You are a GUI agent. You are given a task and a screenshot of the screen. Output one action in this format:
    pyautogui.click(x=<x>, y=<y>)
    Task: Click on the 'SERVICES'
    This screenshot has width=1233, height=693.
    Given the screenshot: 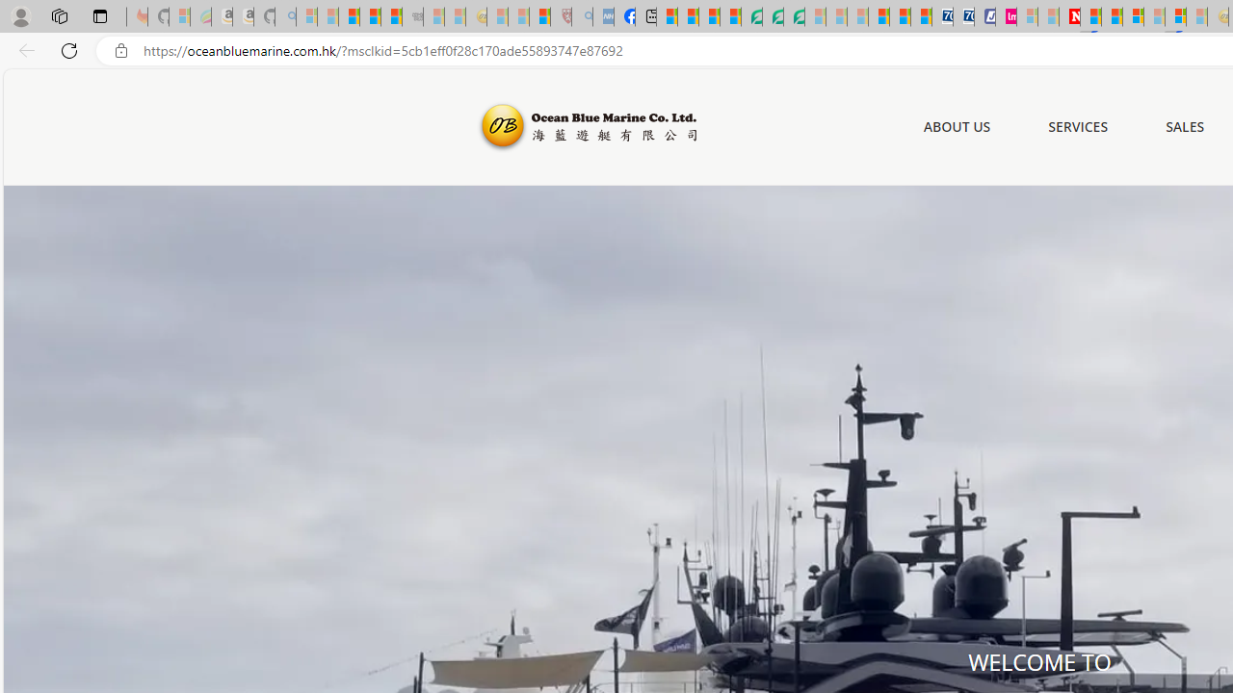 What is the action you would take?
    pyautogui.click(x=1079, y=127)
    